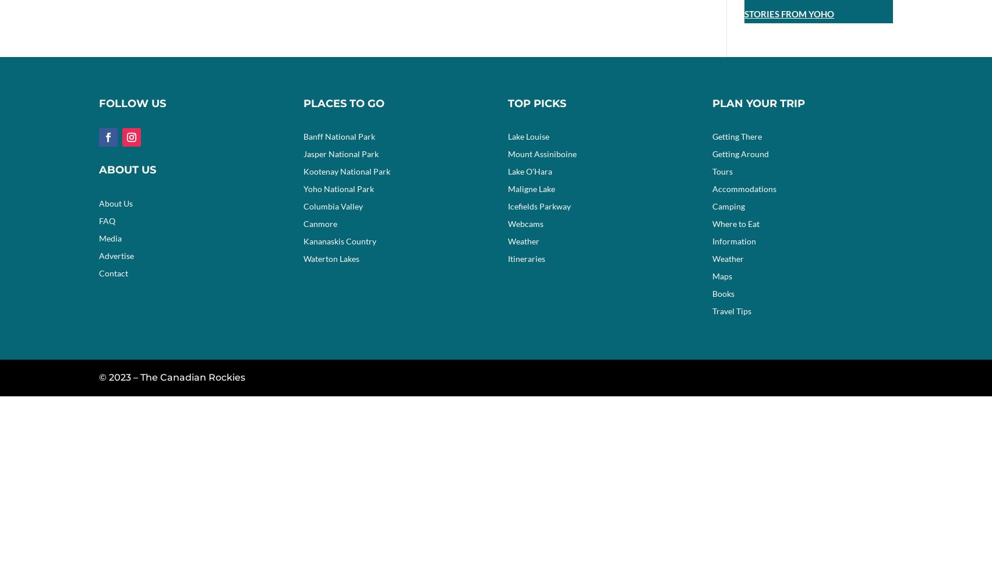 This screenshot has height=582, width=992. Describe the element at coordinates (530, 188) in the screenshot. I see `'Maligne Lake'` at that location.